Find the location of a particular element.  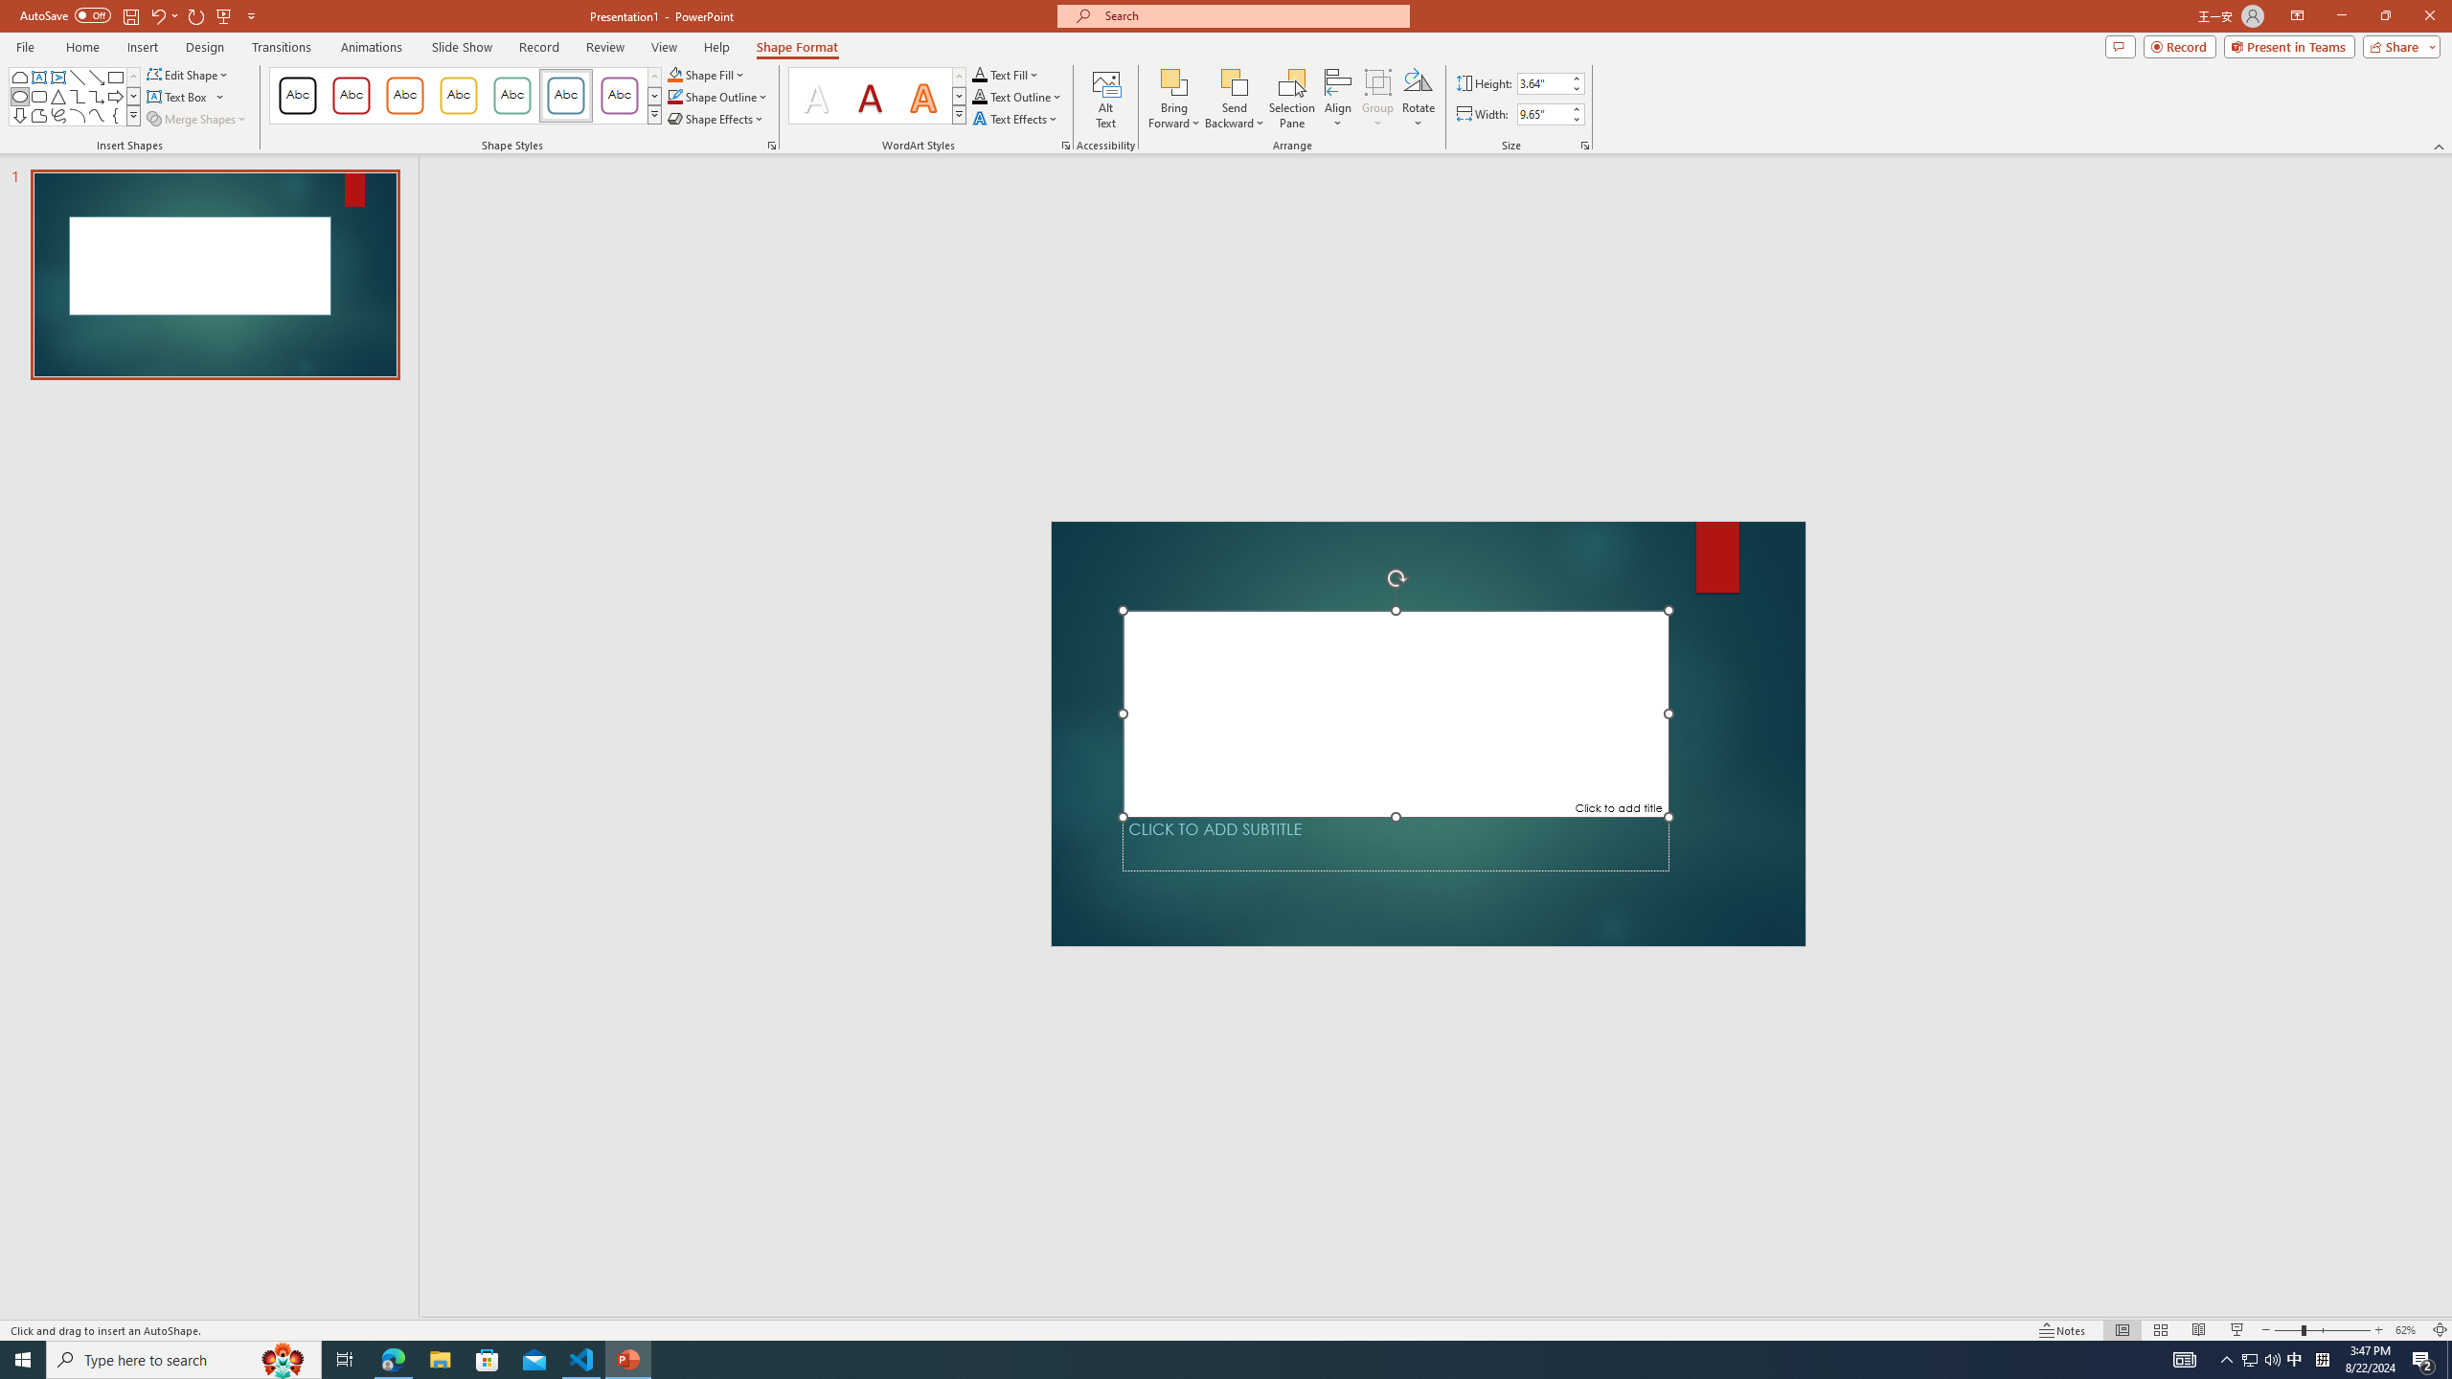

'Shape Outline No Outline' is located at coordinates (675, 95).